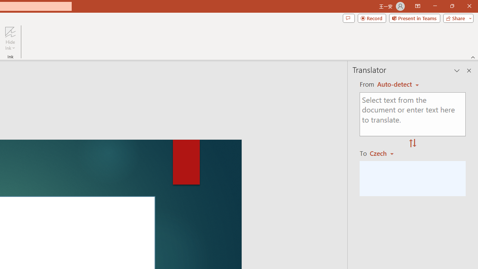 Image resolution: width=478 pixels, height=269 pixels. What do you see at coordinates (385, 153) in the screenshot?
I see `'Czech'` at bounding box center [385, 153].